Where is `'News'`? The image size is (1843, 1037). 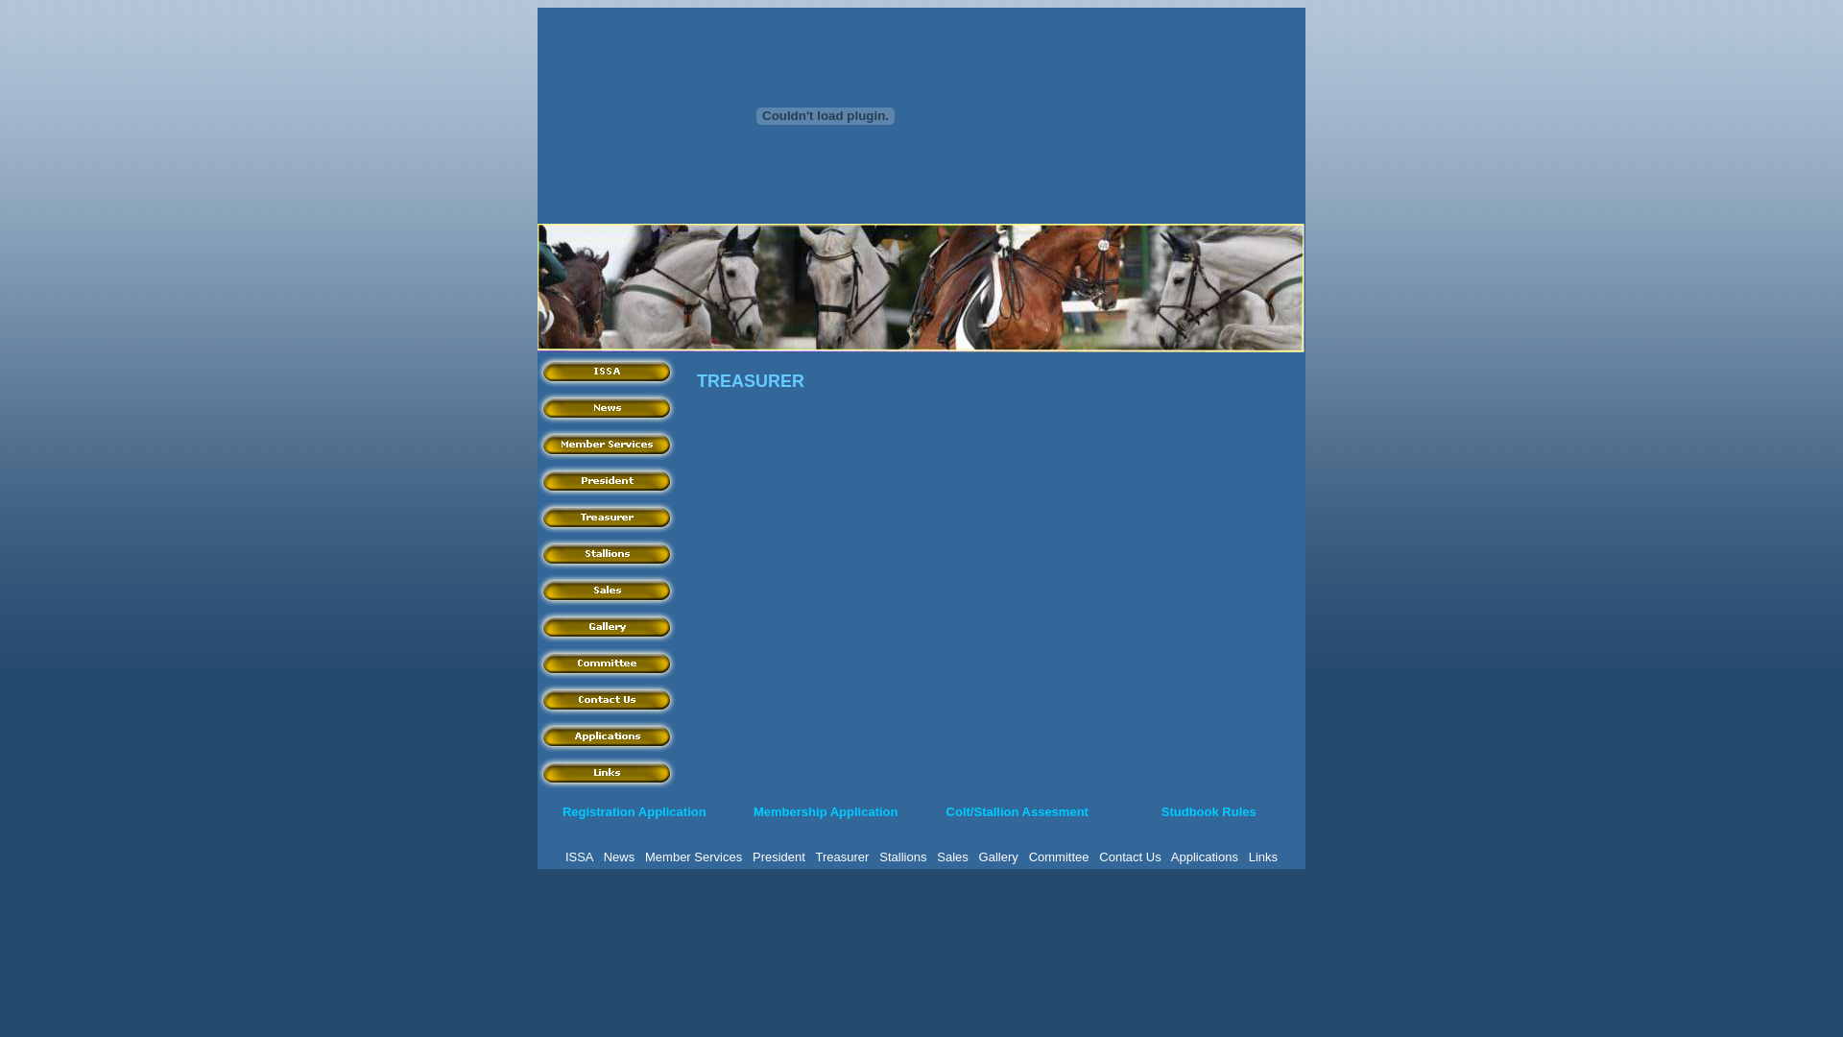 'News' is located at coordinates (619, 856).